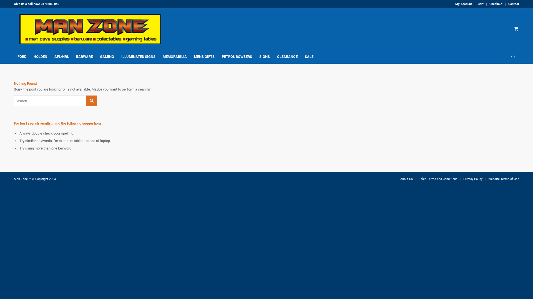 Image resolution: width=533 pixels, height=299 pixels. Describe the element at coordinates (287, 56) in the screenshot. I see `'CLEARANCE'` at that location.